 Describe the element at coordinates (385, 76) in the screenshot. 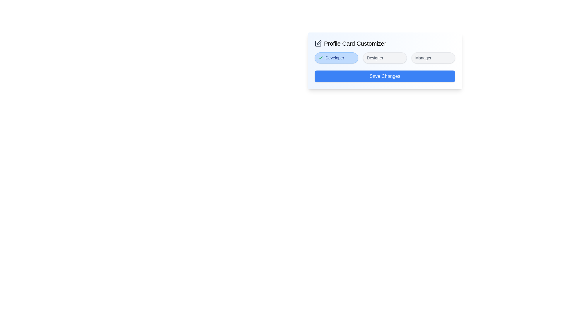

I see `'Save Changes' button to save the current configuration` at that location.